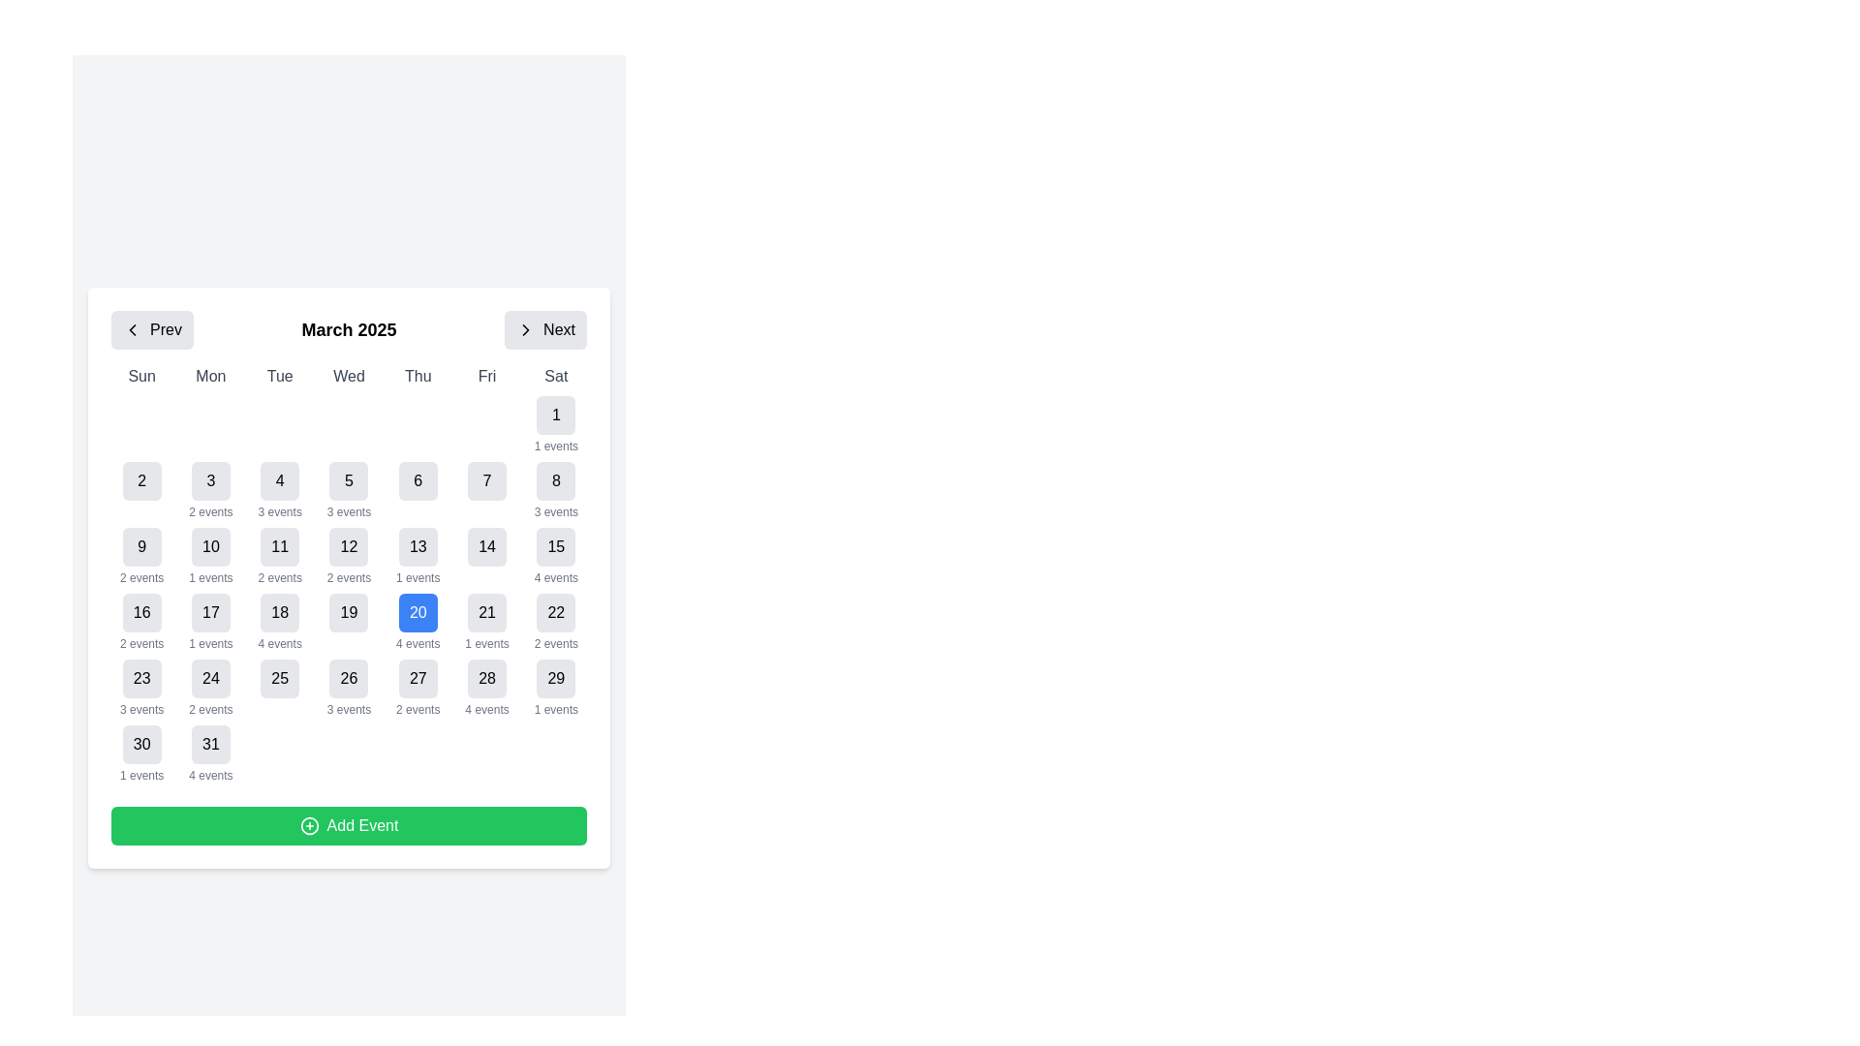 The width and height of the screenshot is (1860, 1046). Describe the element at coordinates (555, 414) in the screenshot. I see `the selectable date button representing the day '1'` at that location.